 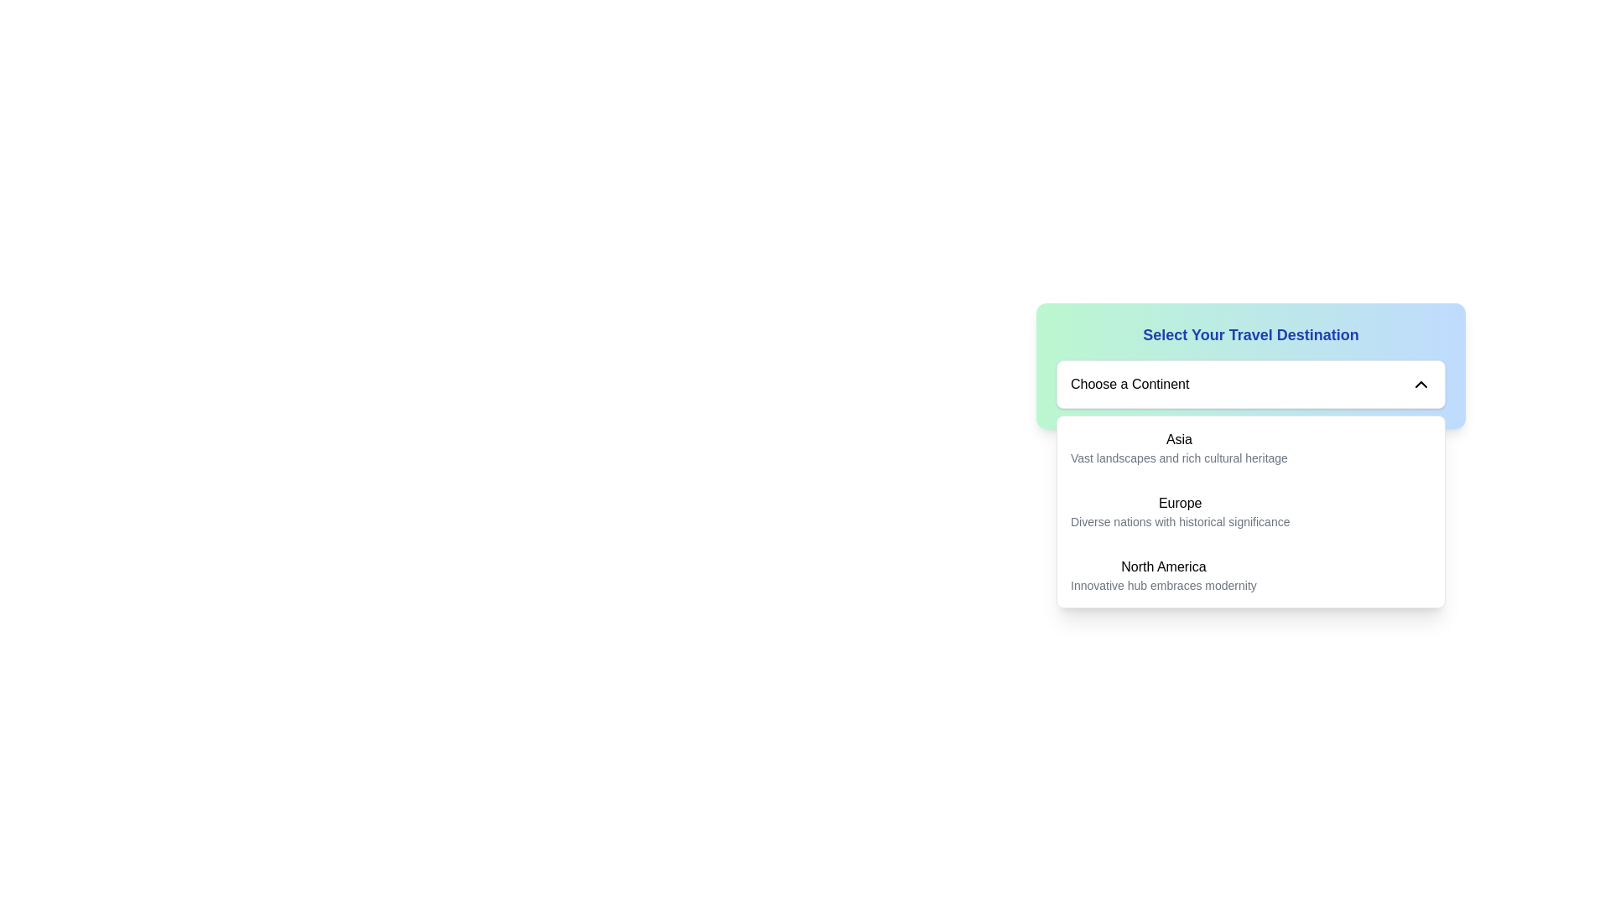 I want to click on the 'Europe' option in the drop-down menu under 'Select Your Travel Destination', so click(x=1179, y=510).